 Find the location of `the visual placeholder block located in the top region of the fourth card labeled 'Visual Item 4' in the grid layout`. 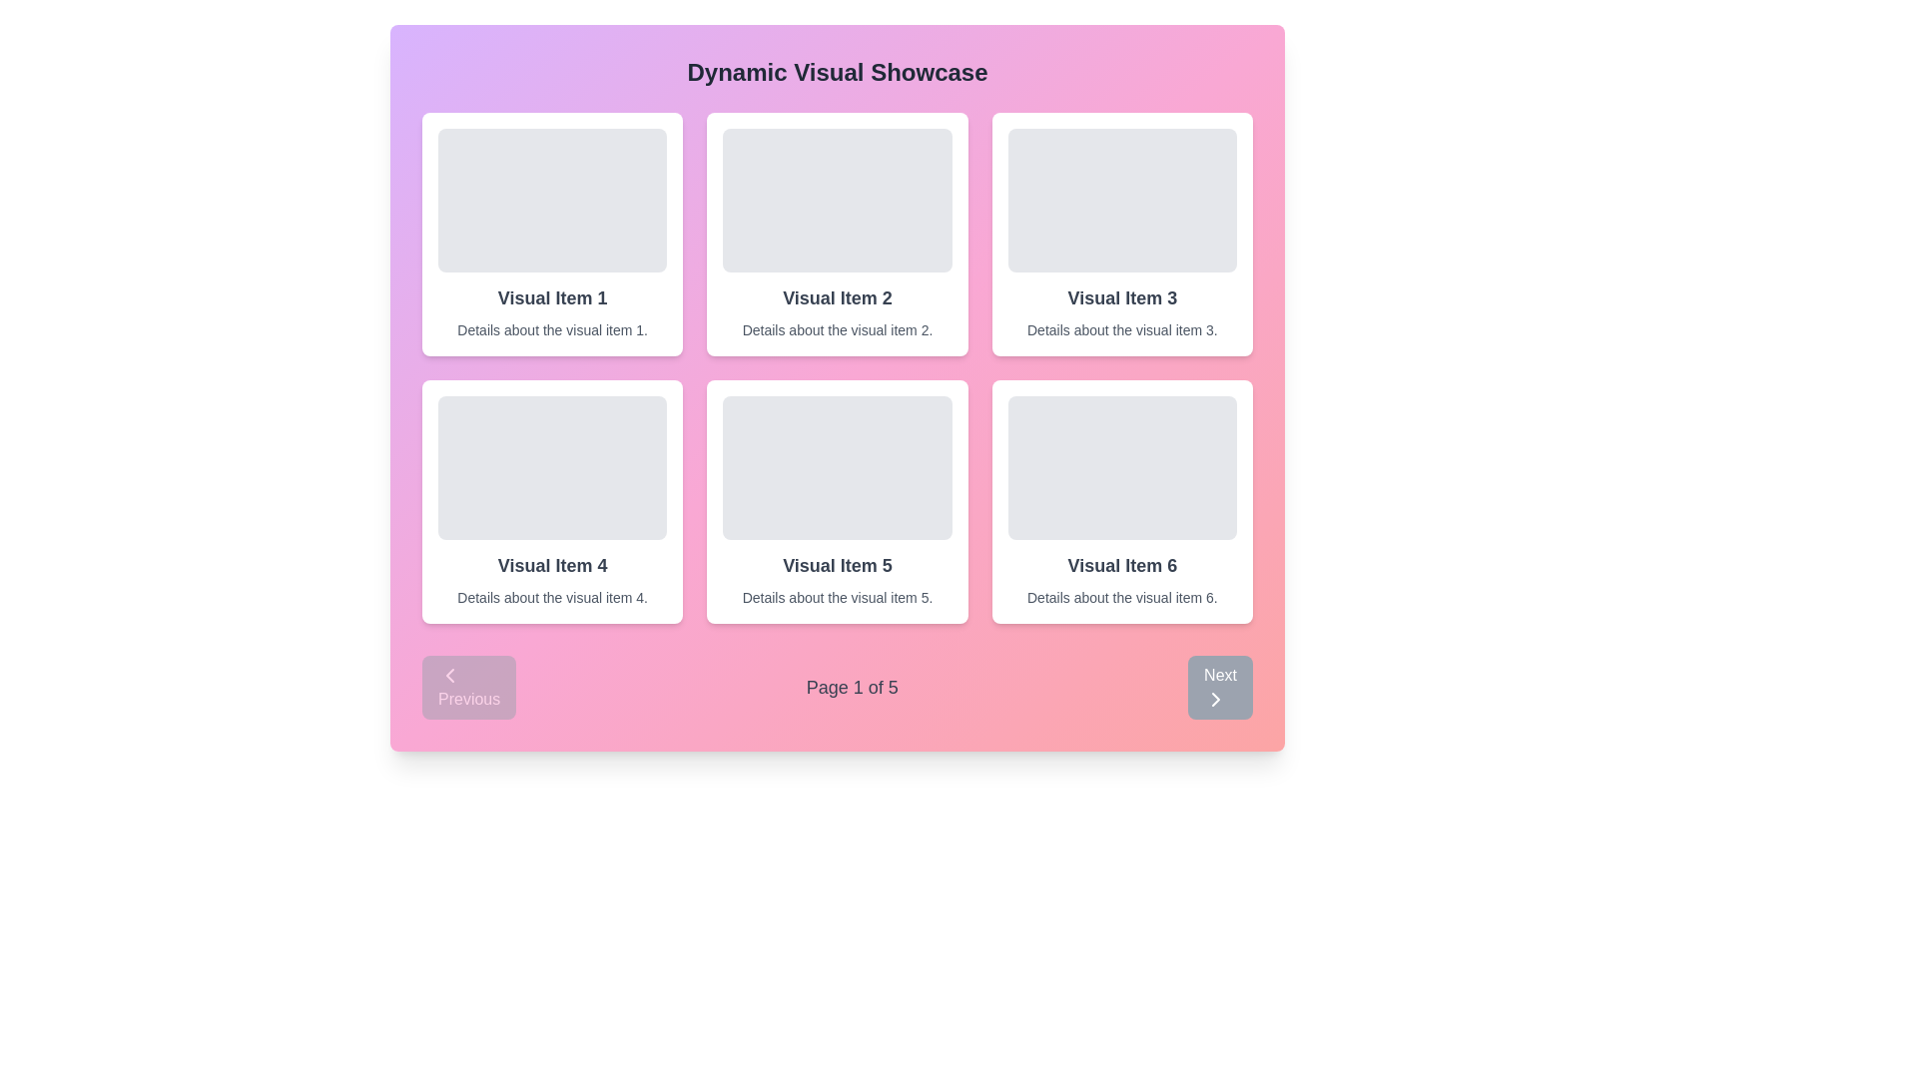

the visual placeholder block located in the top region of the fourth card labeled 'Visual Item 4' in the grid layout is located at coordinates (552, 468).